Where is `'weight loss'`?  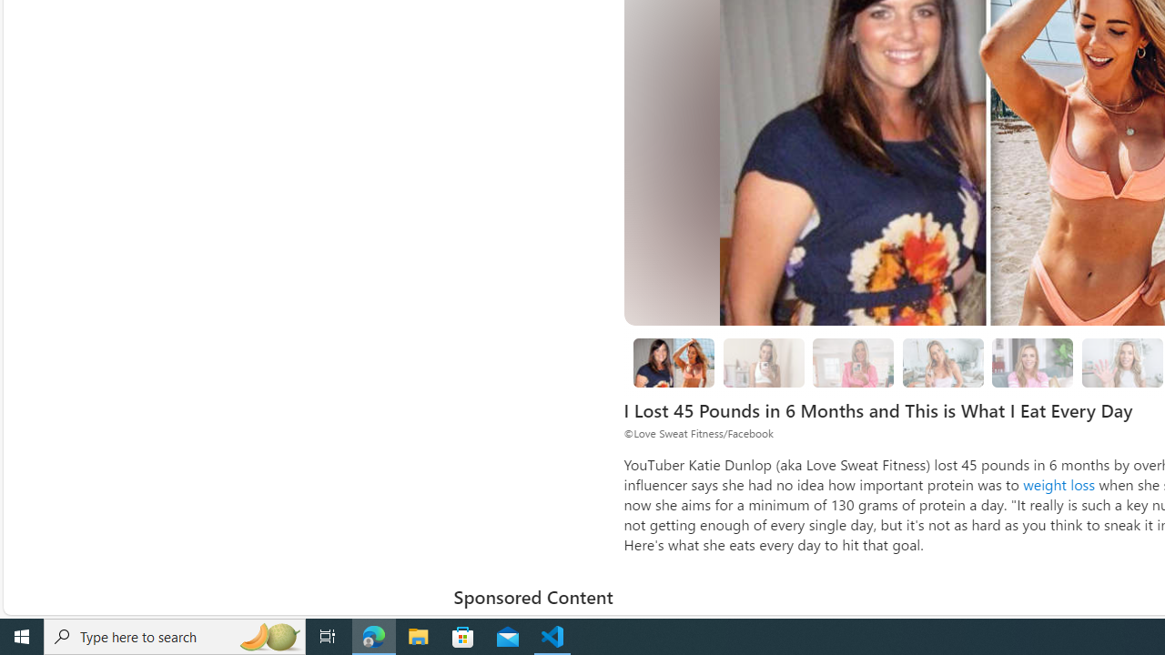
'weight loss' is located at coordinates (1059, 483).